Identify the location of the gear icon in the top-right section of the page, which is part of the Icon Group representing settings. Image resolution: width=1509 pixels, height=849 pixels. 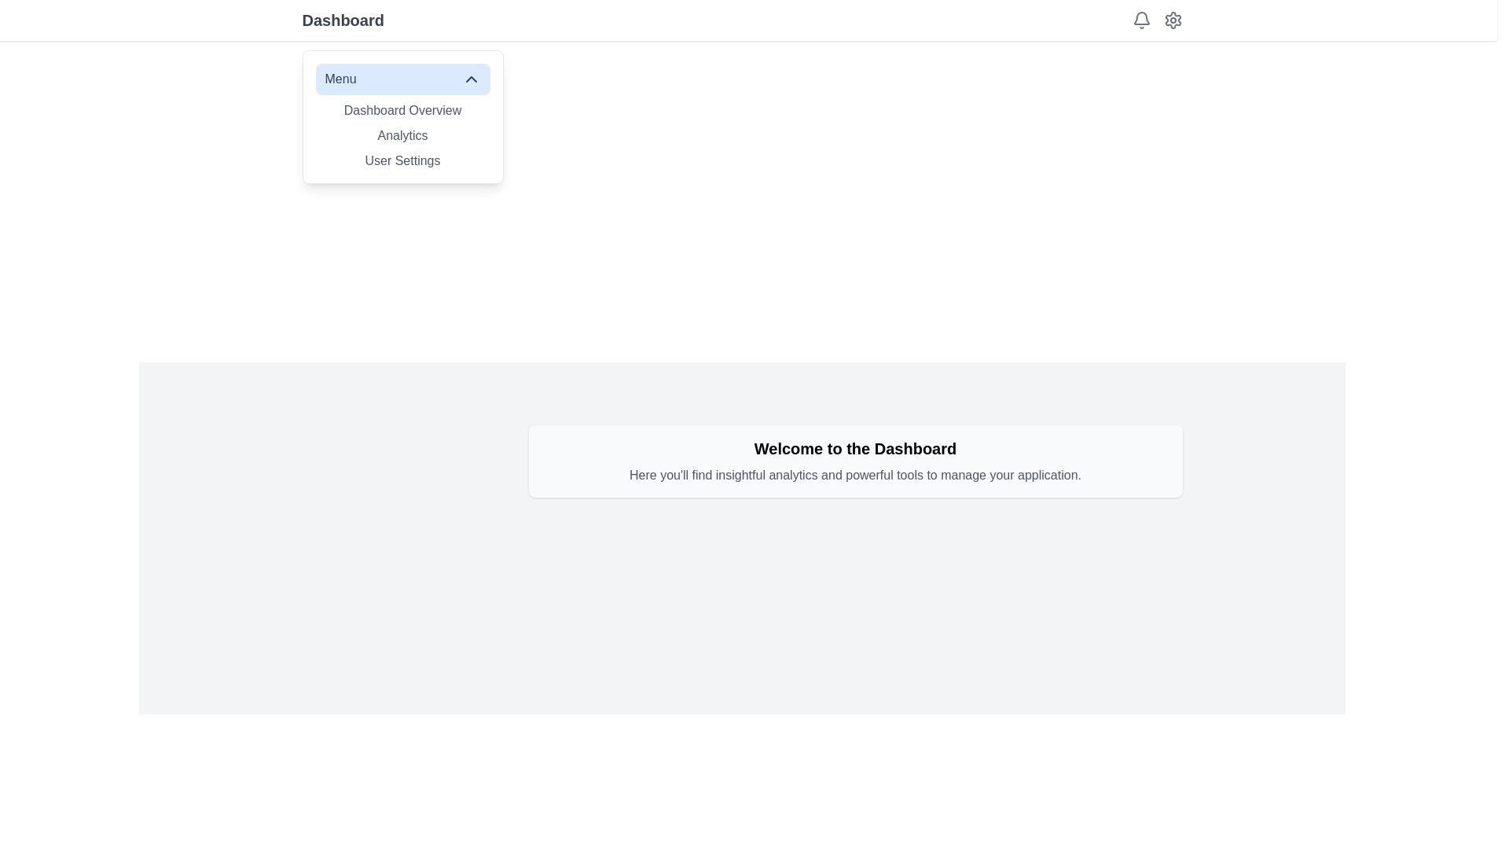
(1157, 20).